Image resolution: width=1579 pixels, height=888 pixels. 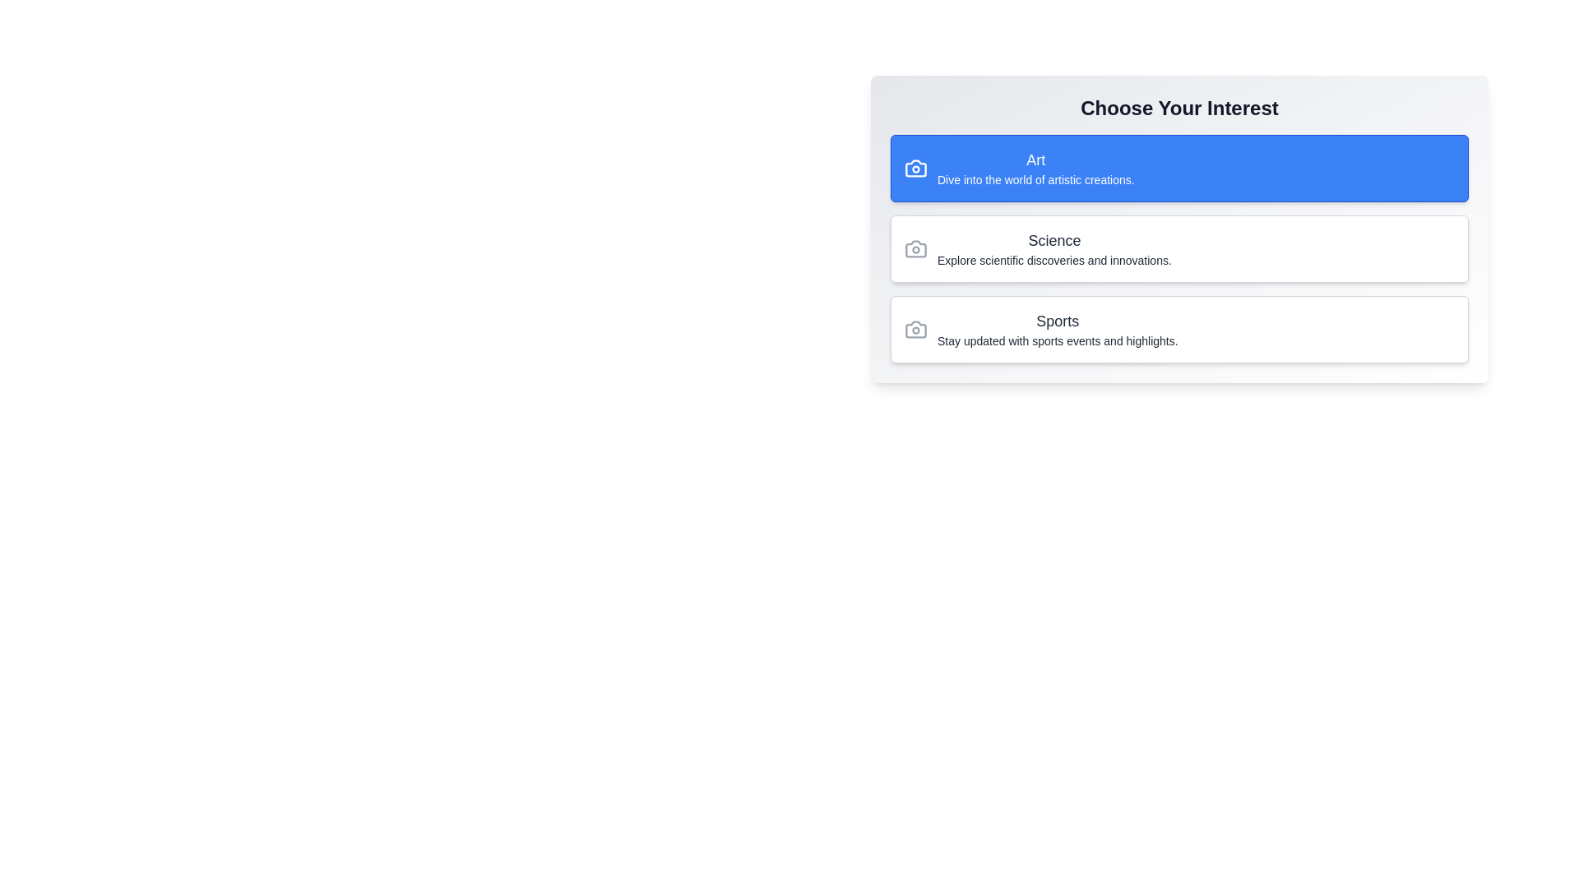 What do you see at coordinates (915, 249) in the screenshot?
I see `the camera icon located to the left of the 'Science' topic card in the second row of the interests list` at bounding box center [915, 249].